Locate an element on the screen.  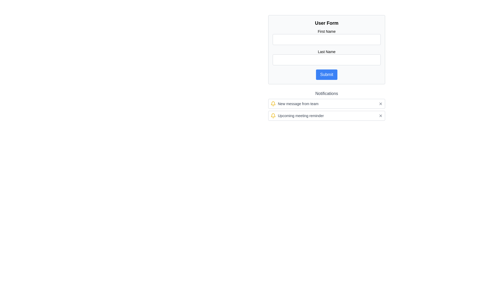
the informational label about the upcoming meeting, which is the second entry in the notification list under the 'Notifications' header, located to the right of a yellow bell icon is located at coordinates (301, 115).